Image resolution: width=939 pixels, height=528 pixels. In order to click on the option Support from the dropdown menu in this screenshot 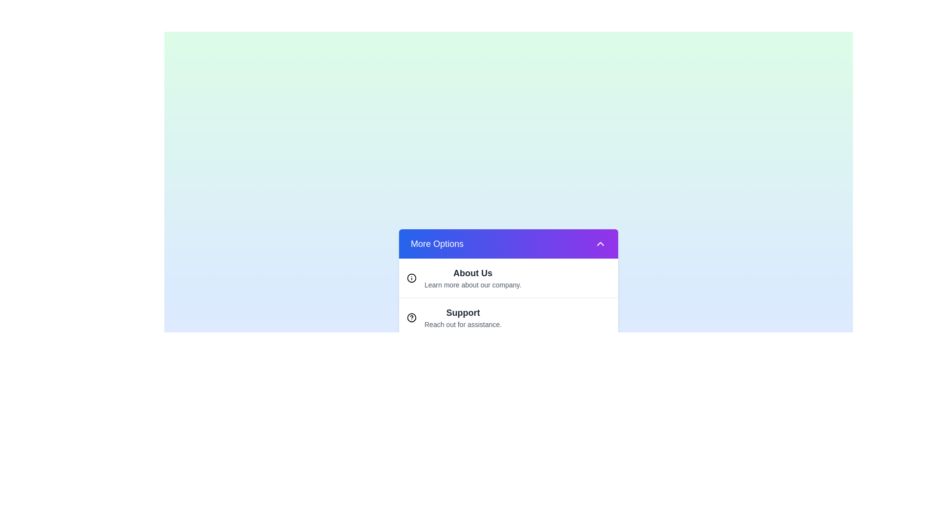, I will do `click(509, 317)`.